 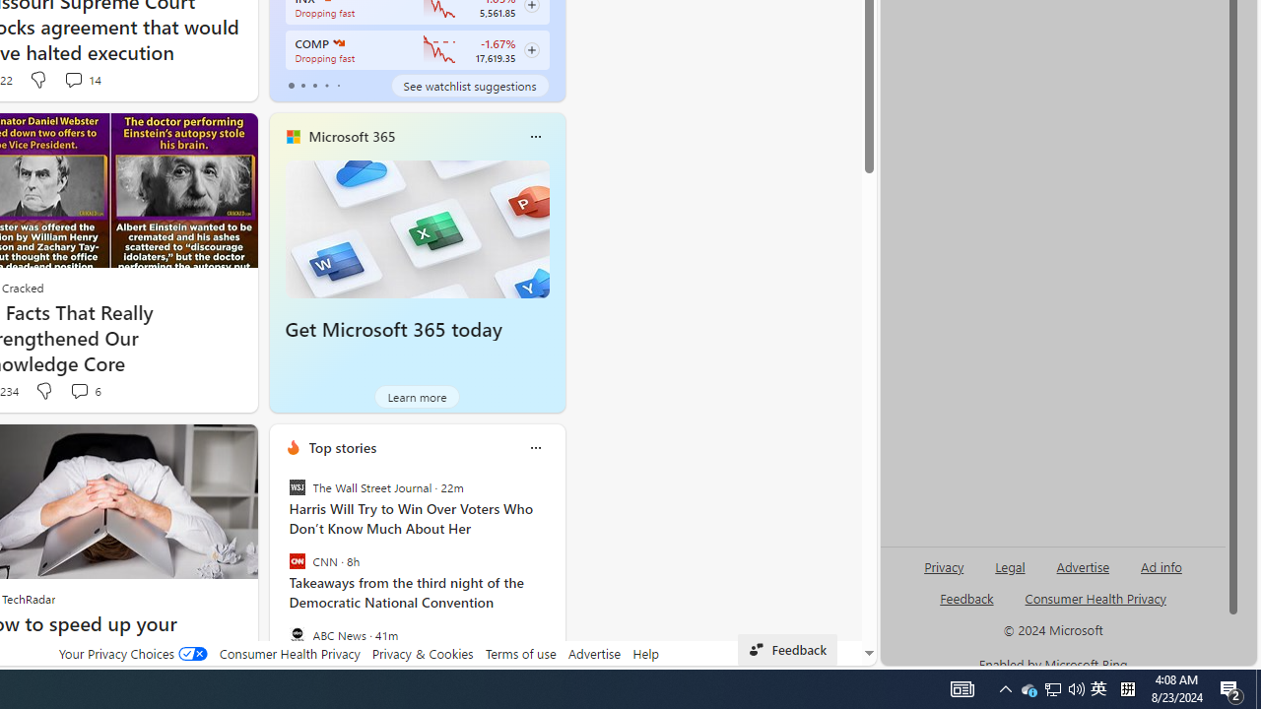 I want to click on 'Class: follow-button  m', so click(x=531, y=49).